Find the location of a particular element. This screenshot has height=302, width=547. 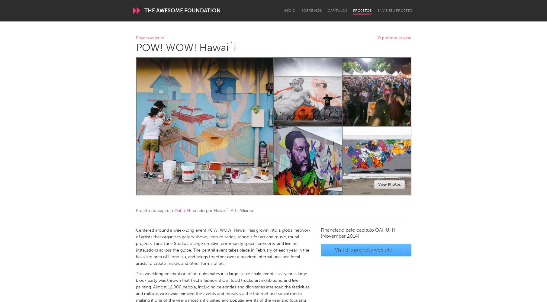

'View Photos' is located at coordinates (389, 184).